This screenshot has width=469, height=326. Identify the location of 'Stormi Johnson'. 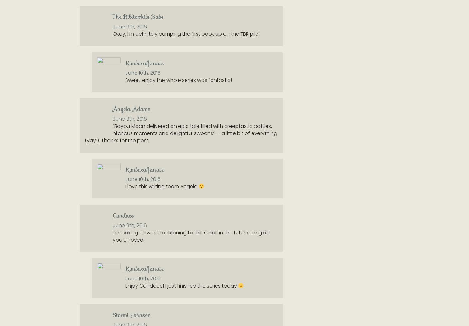
(132, 315).